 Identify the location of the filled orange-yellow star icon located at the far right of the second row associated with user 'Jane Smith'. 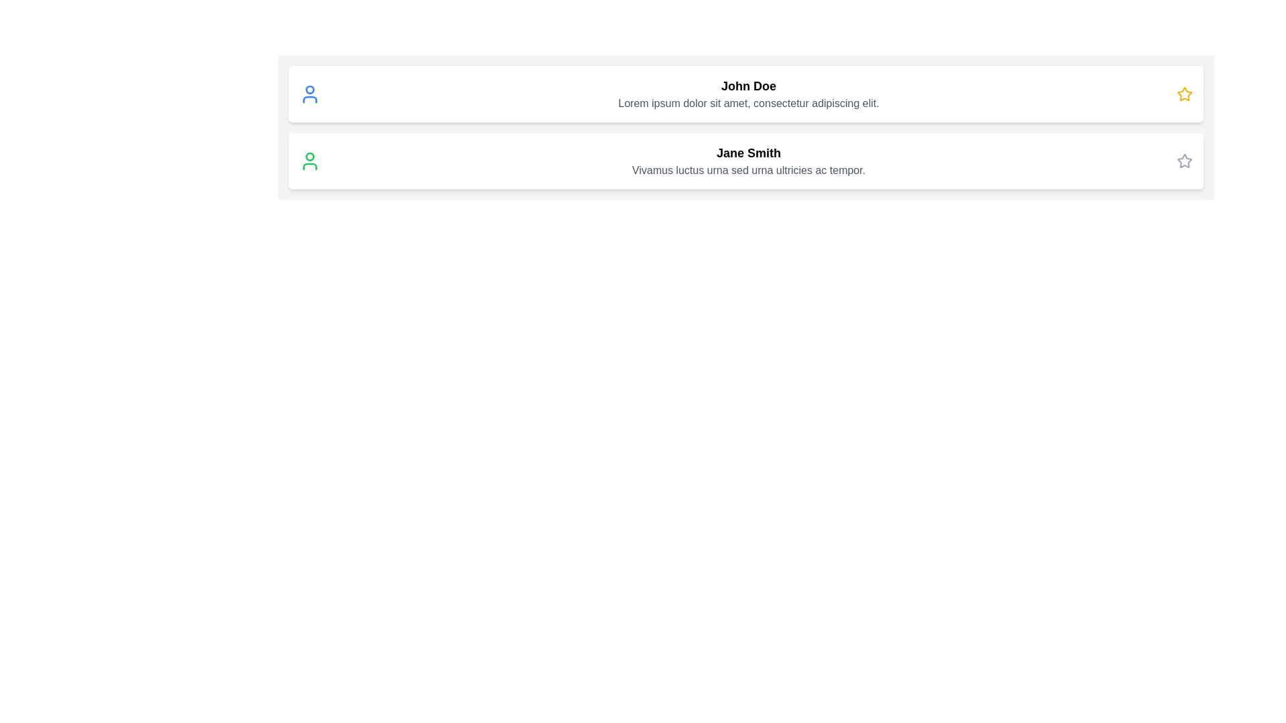
(1184, 92).